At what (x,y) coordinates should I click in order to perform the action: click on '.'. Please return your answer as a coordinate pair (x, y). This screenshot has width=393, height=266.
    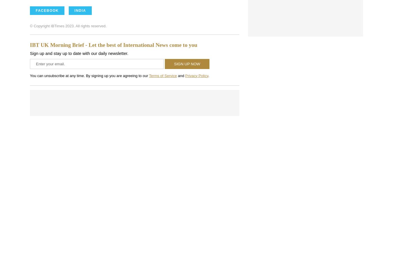
    Looking at the image, I should click on (208, 75).